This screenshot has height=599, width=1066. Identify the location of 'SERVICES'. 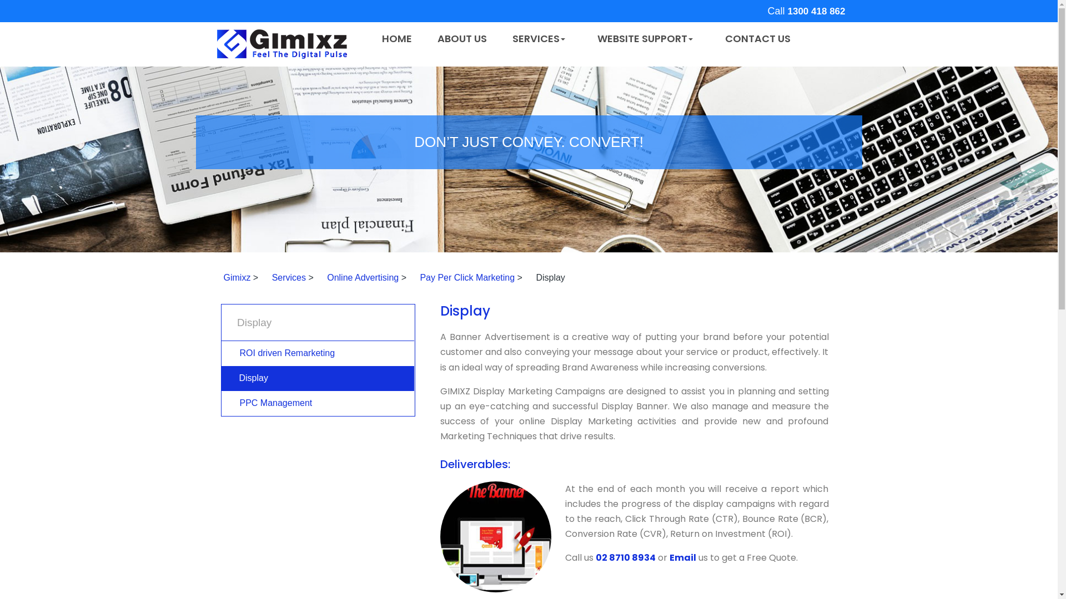
(542, 38).